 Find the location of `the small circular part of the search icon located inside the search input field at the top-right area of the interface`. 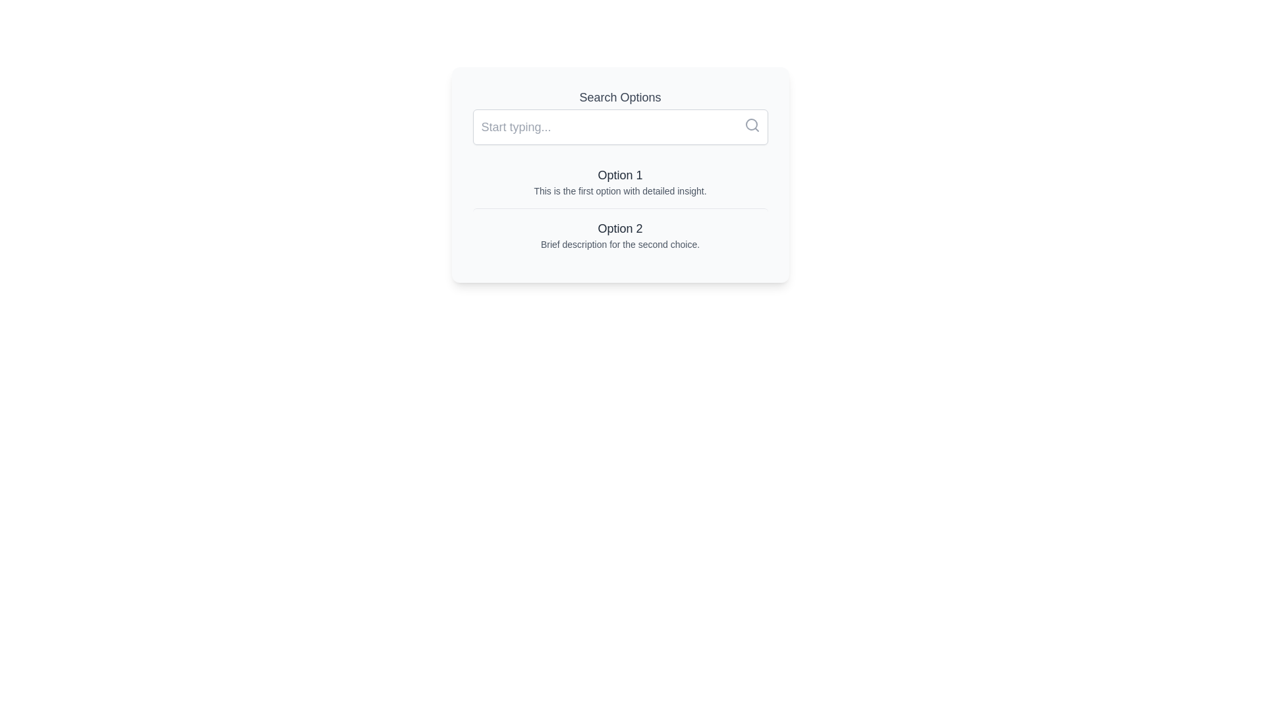

the small circular part of the search icon located inside the search input field at the top-right area of the interface is located at coordinates (751, 125).